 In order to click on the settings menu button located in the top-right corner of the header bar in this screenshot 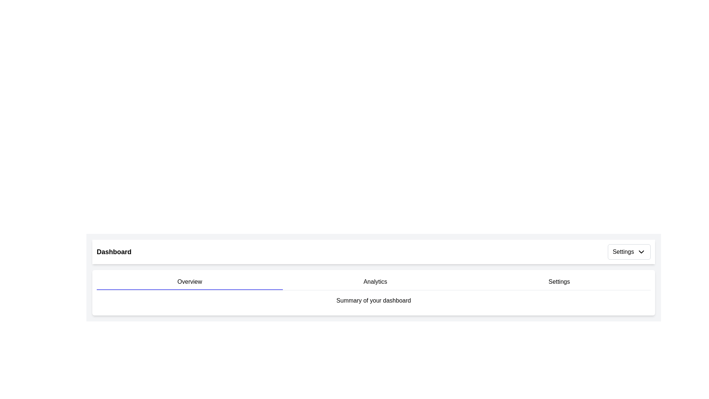, I will do `click(629, 252)`.